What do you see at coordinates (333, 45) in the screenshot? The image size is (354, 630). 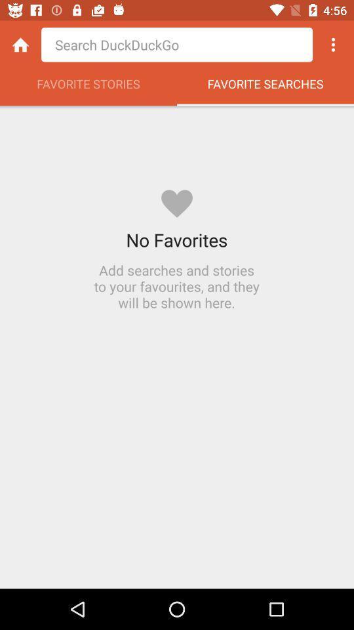 I see `the icon above the favorite searches app` at bounding box center [333, 45].